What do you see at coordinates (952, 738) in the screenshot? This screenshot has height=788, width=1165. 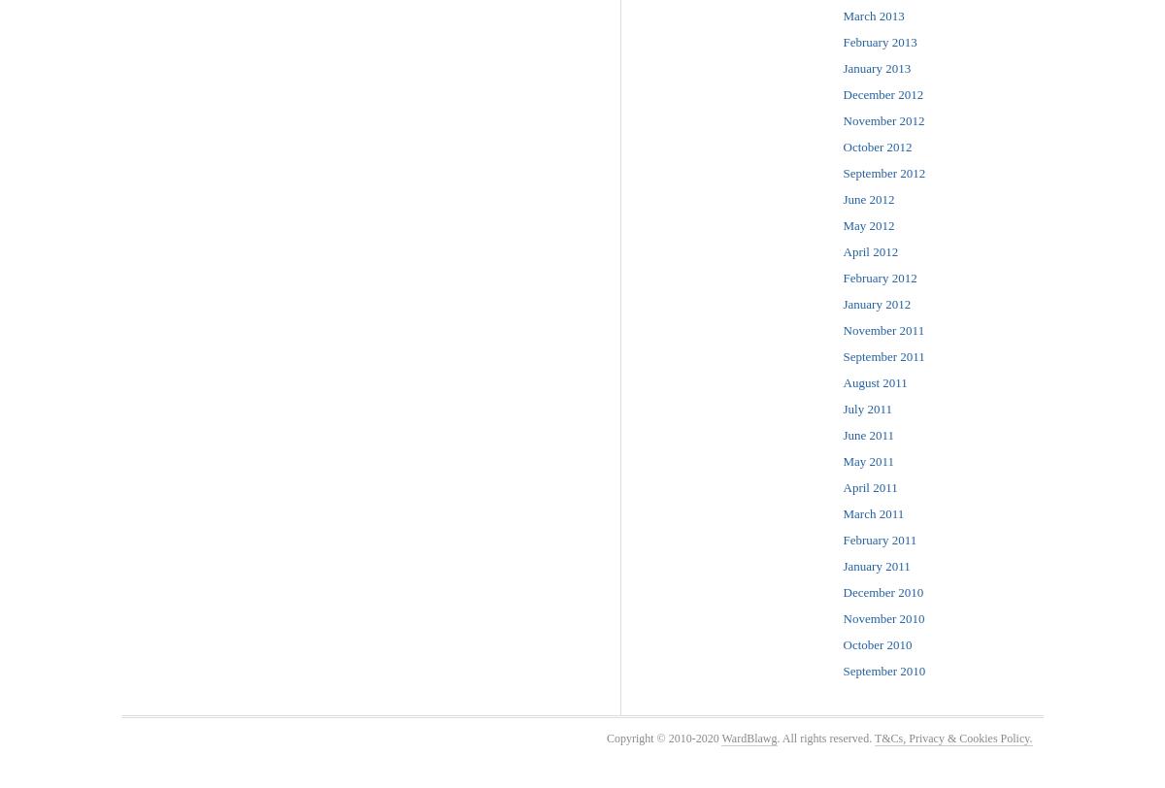 I see `'T&Cs, Privacy & Cookies Policy.'` at bounding box center [952, 738].